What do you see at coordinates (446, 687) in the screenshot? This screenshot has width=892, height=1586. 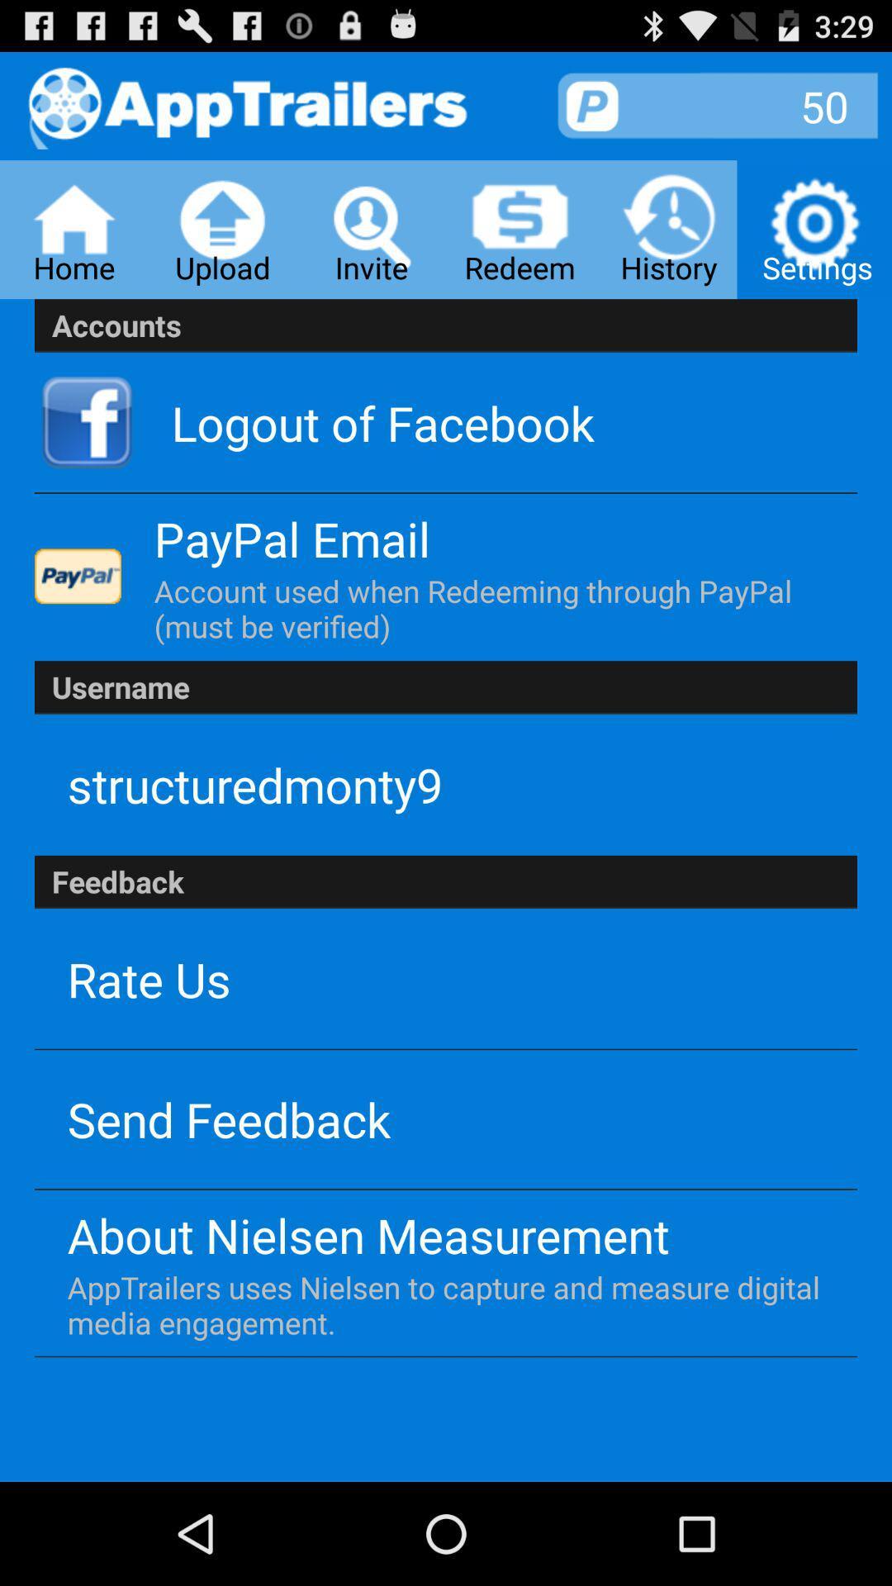 I see `item above structuredmonty9 item` at bounding box center [446, 687].